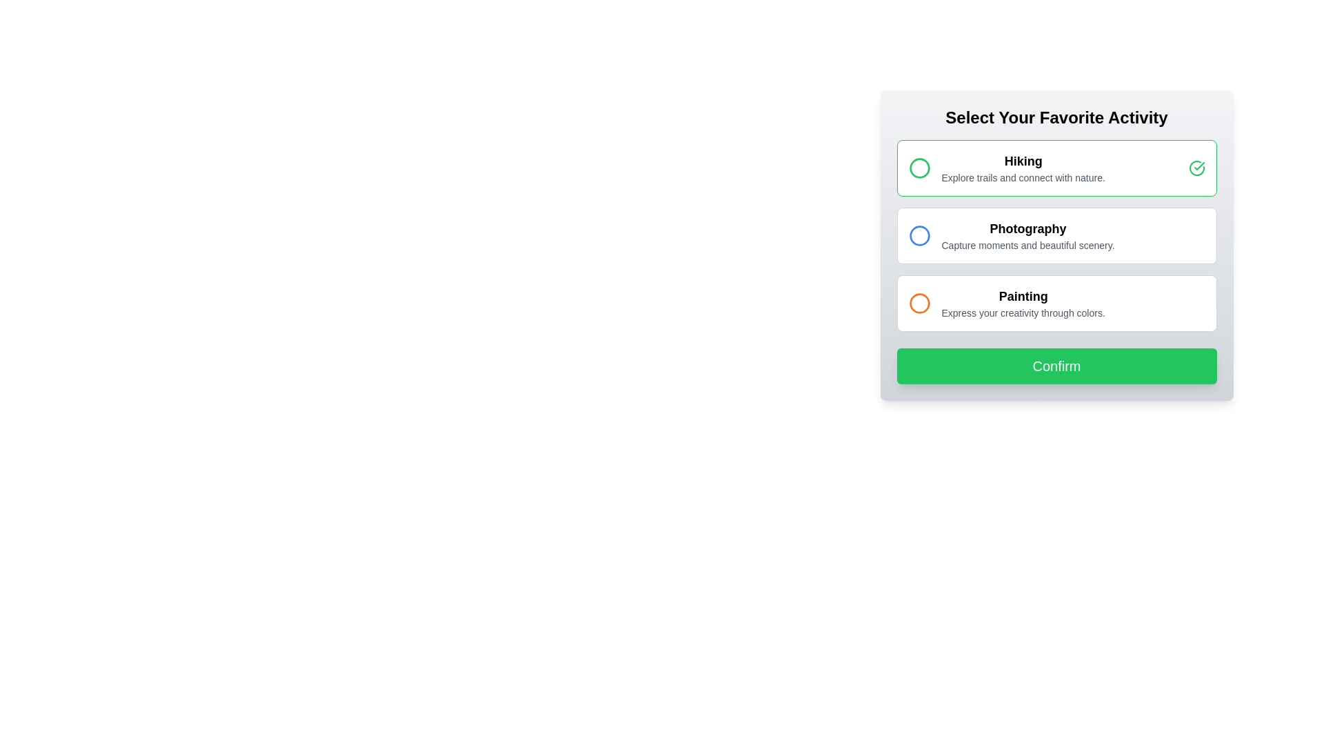 This screenshot has width=1324, height=745. Describe the element at coordinates (919, 235) in the screenshot. I see `the radio button icon for the 'Photography' option` at that location.